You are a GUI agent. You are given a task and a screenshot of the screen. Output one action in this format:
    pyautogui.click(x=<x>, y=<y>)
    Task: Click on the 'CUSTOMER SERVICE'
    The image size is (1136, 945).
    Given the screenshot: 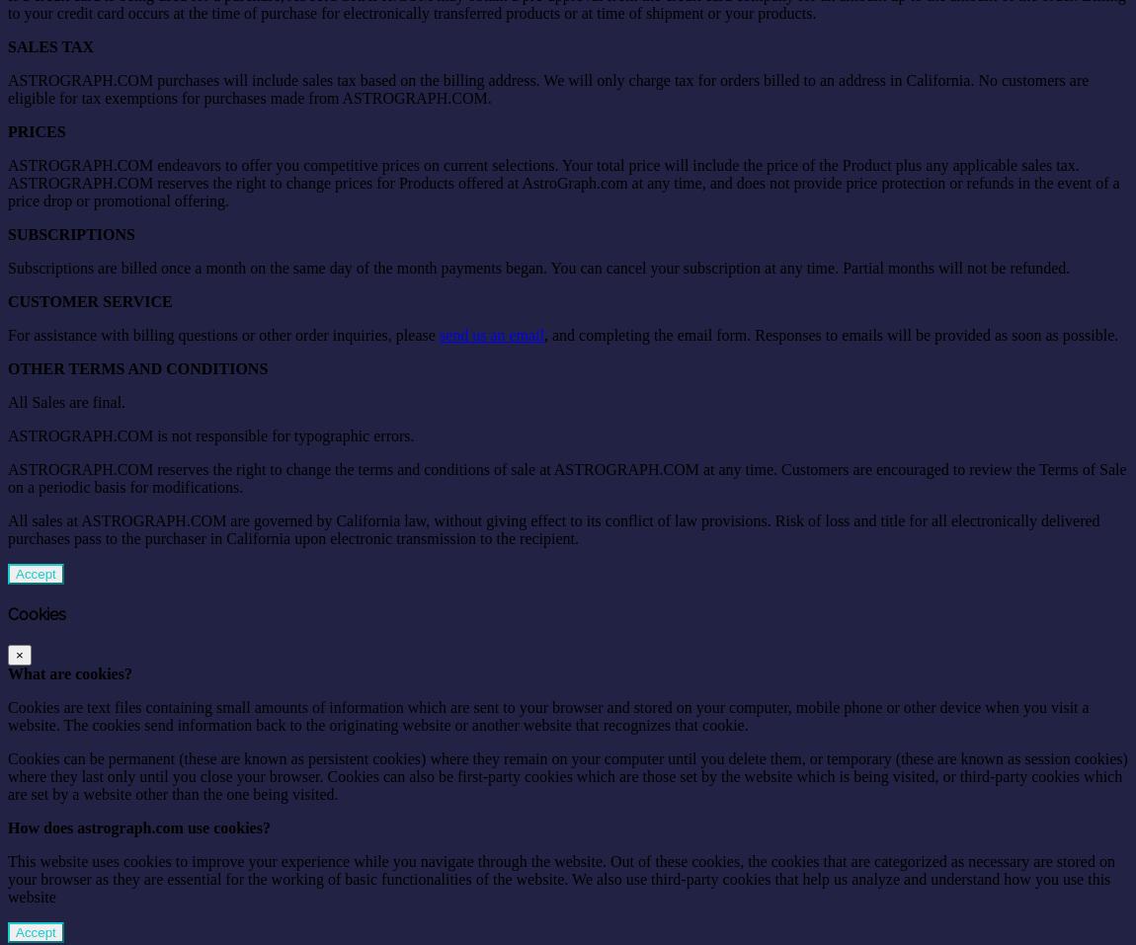 What is the action you would take?
    pyautogui.click(x=88, y=300)
    